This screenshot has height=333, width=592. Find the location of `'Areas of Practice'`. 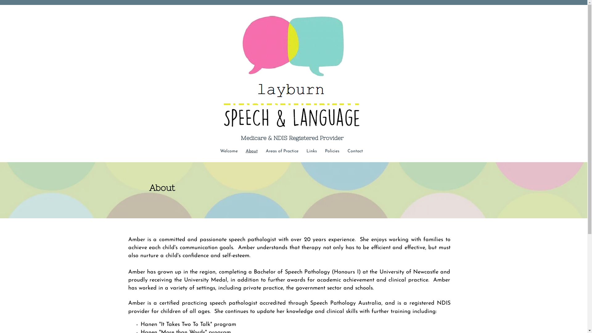

'Areas of Practice' is located at coordinates (261, 151).